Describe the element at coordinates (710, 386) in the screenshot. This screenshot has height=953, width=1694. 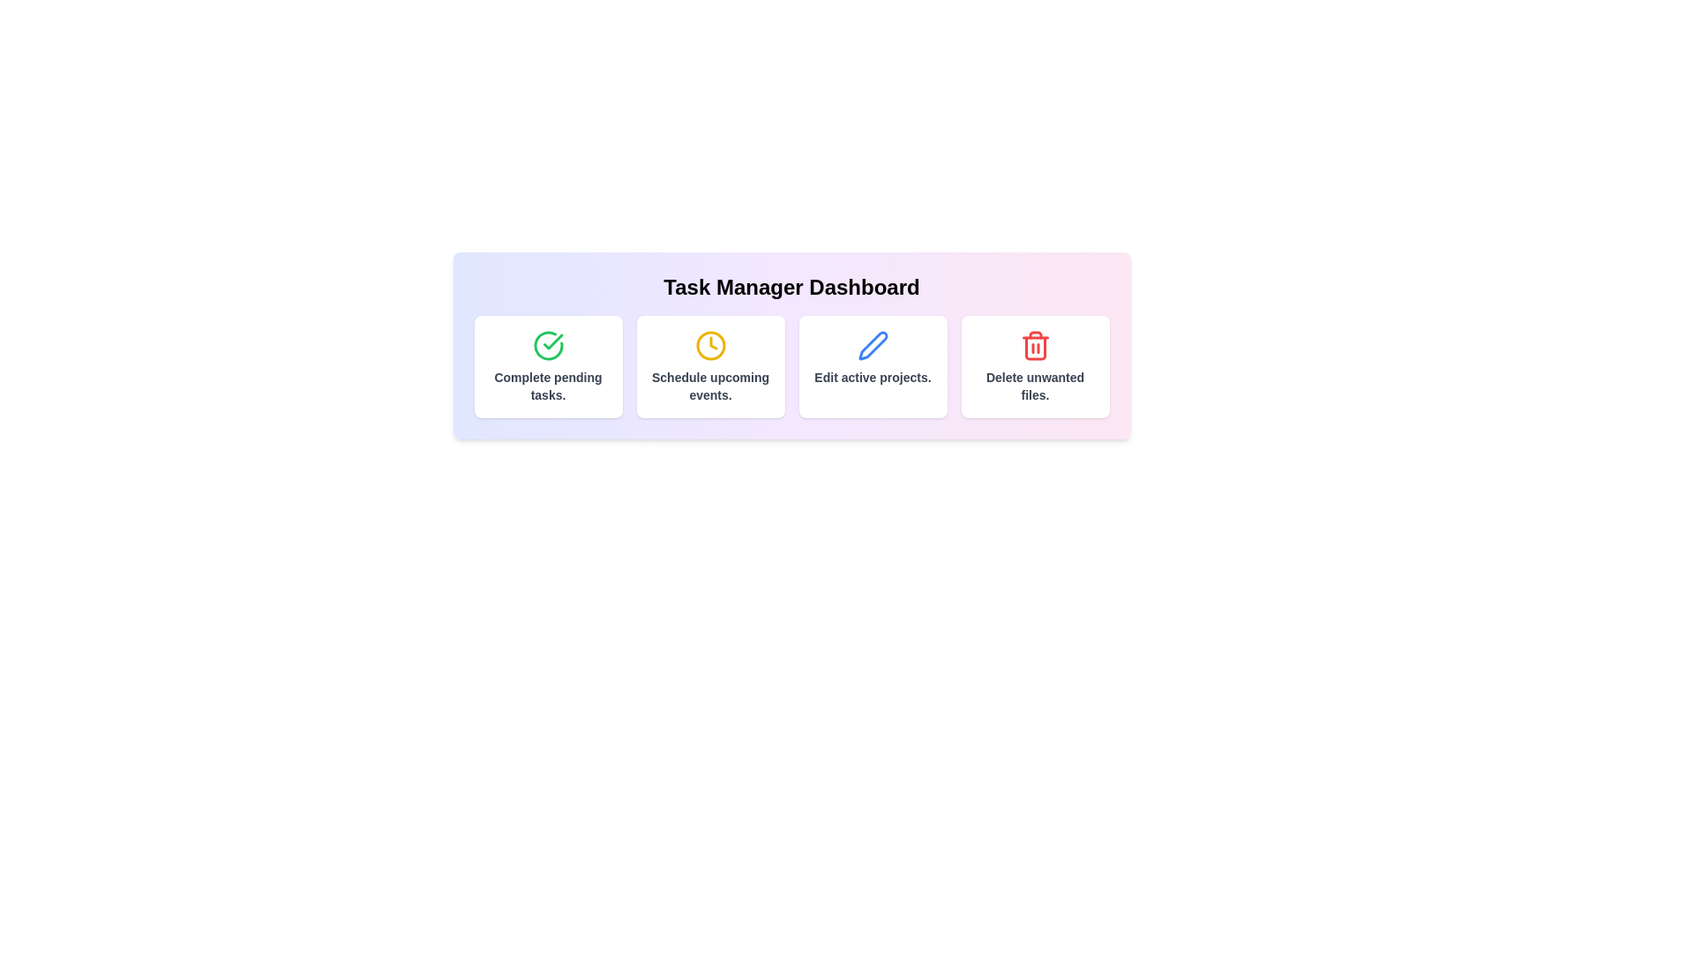
I see `text label 'Schedule upcoming events.' which is the second item in a horizontal layout of visually similar items, located on the second card from the left, identified by a yellow clock icon above it` at that location.